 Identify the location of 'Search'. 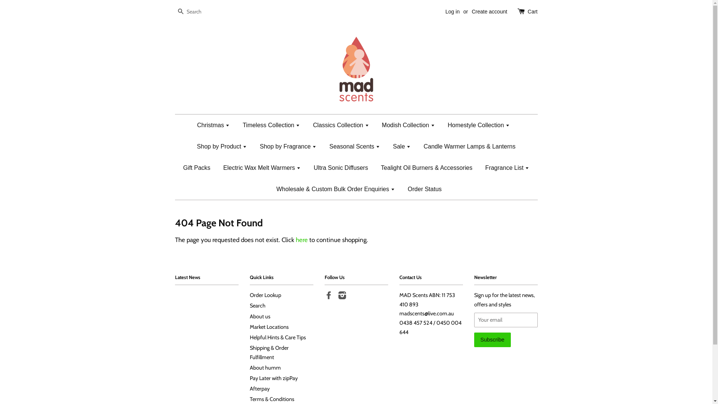
(181, 12).